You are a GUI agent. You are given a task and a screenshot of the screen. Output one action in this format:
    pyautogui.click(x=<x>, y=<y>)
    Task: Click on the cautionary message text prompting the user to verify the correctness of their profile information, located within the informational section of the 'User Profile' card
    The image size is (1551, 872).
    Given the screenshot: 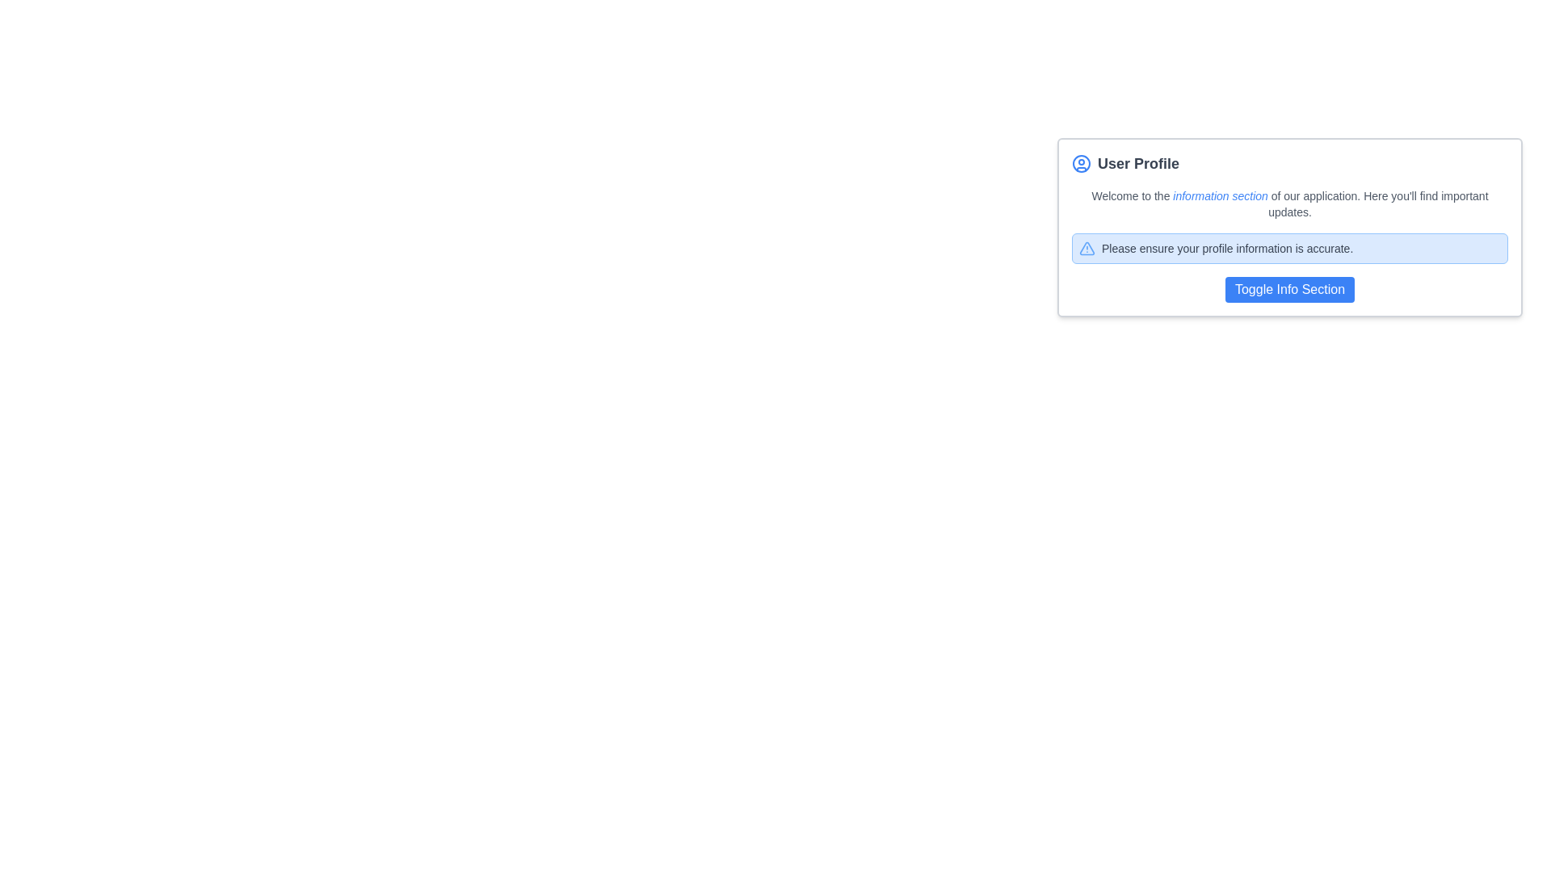 What is the action you would take?
    pyautogui.click(x=1227, y=249)
    